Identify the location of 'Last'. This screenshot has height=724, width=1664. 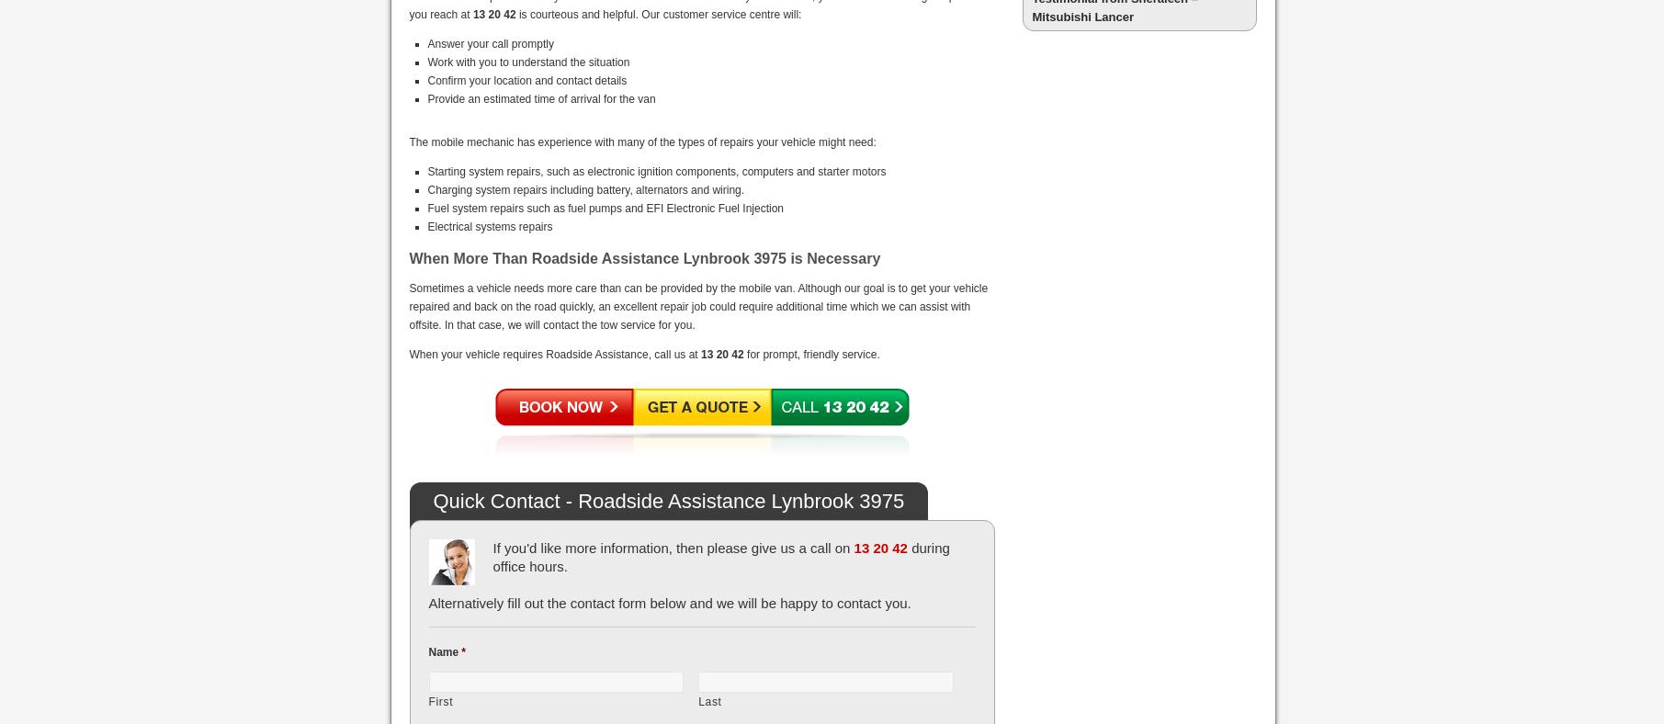
(708, 701).